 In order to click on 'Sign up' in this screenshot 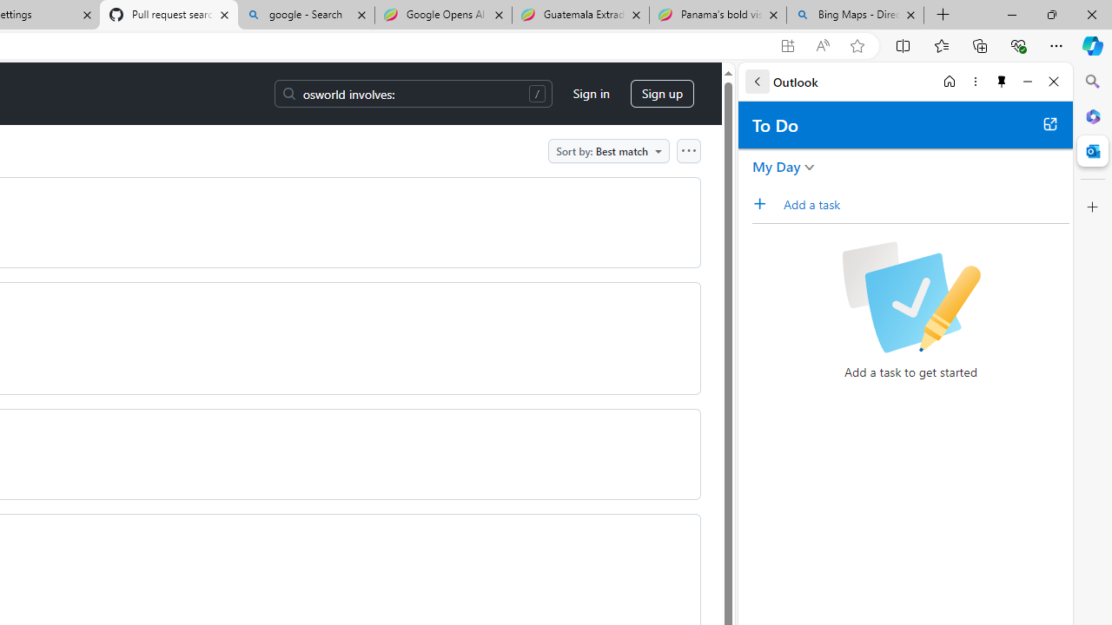, I will do `click(661, 94)`.